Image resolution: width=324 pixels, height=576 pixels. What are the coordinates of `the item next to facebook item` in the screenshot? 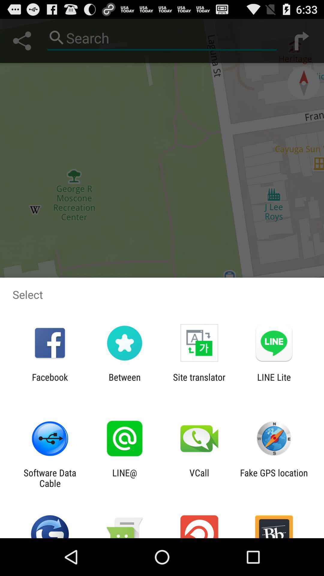 It's located at (124, 382).